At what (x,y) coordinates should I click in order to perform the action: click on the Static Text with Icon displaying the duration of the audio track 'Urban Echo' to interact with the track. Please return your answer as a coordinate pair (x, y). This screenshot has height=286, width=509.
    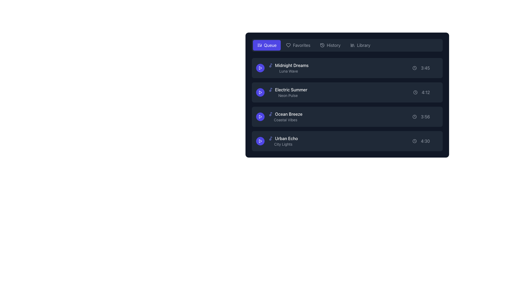
    Looking at the image, I should click on (425, 141).